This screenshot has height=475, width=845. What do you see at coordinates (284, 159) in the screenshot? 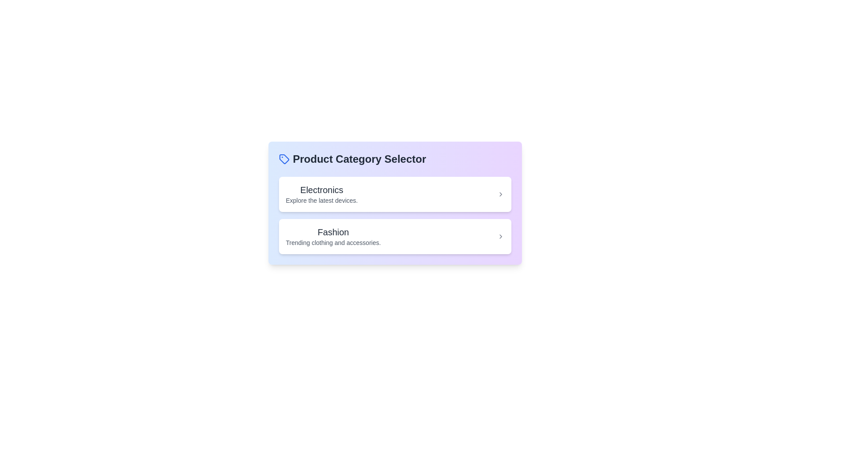
I see `the decorative icon located in the top-left section of the interface, to the left of the 'Product Category Selector' title` at bounding box center [284, 159].